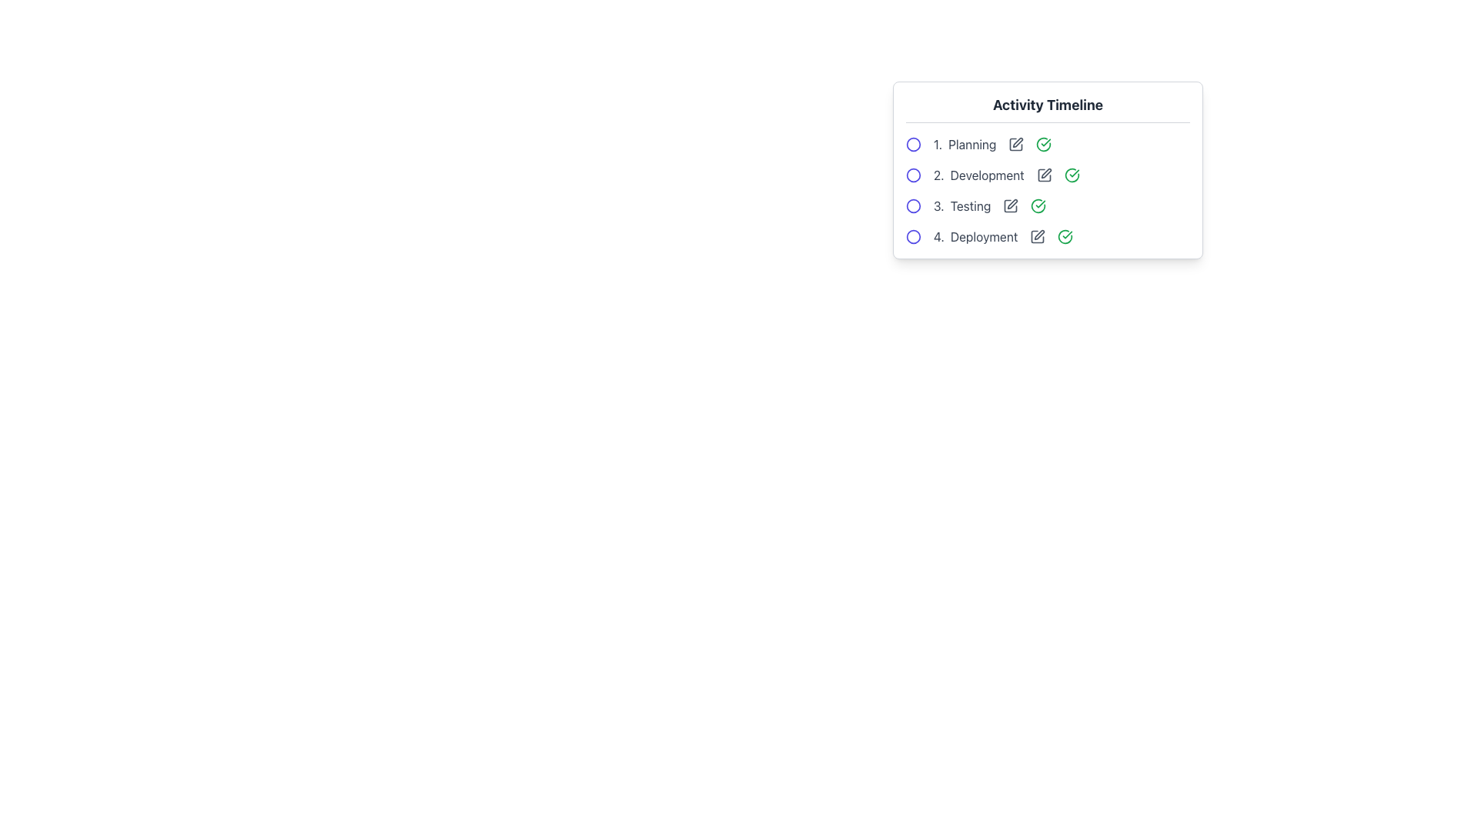  What do you see at coordinates (1071, 174) in the screenshot?
I see `the status-indicative styling of the 'Development' activity icon located in the second row of the 'Activity Timeline' interface` at bounding box center [1071, 174].